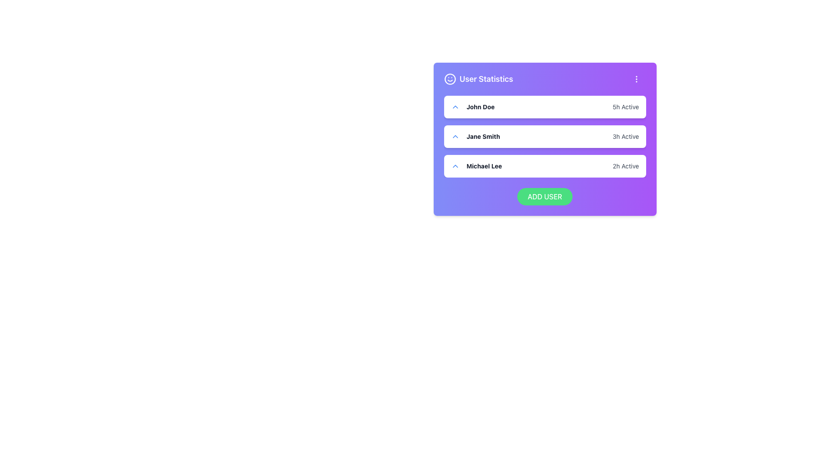 This screenshot has height=470, width=836. What do you see at coordinates (625, 166) in the screenshot?
I see `the informational text label displaying the activity duration for user 'Michael Lee', located within a white card on the right side of the card` at bounding box center [625, 166].